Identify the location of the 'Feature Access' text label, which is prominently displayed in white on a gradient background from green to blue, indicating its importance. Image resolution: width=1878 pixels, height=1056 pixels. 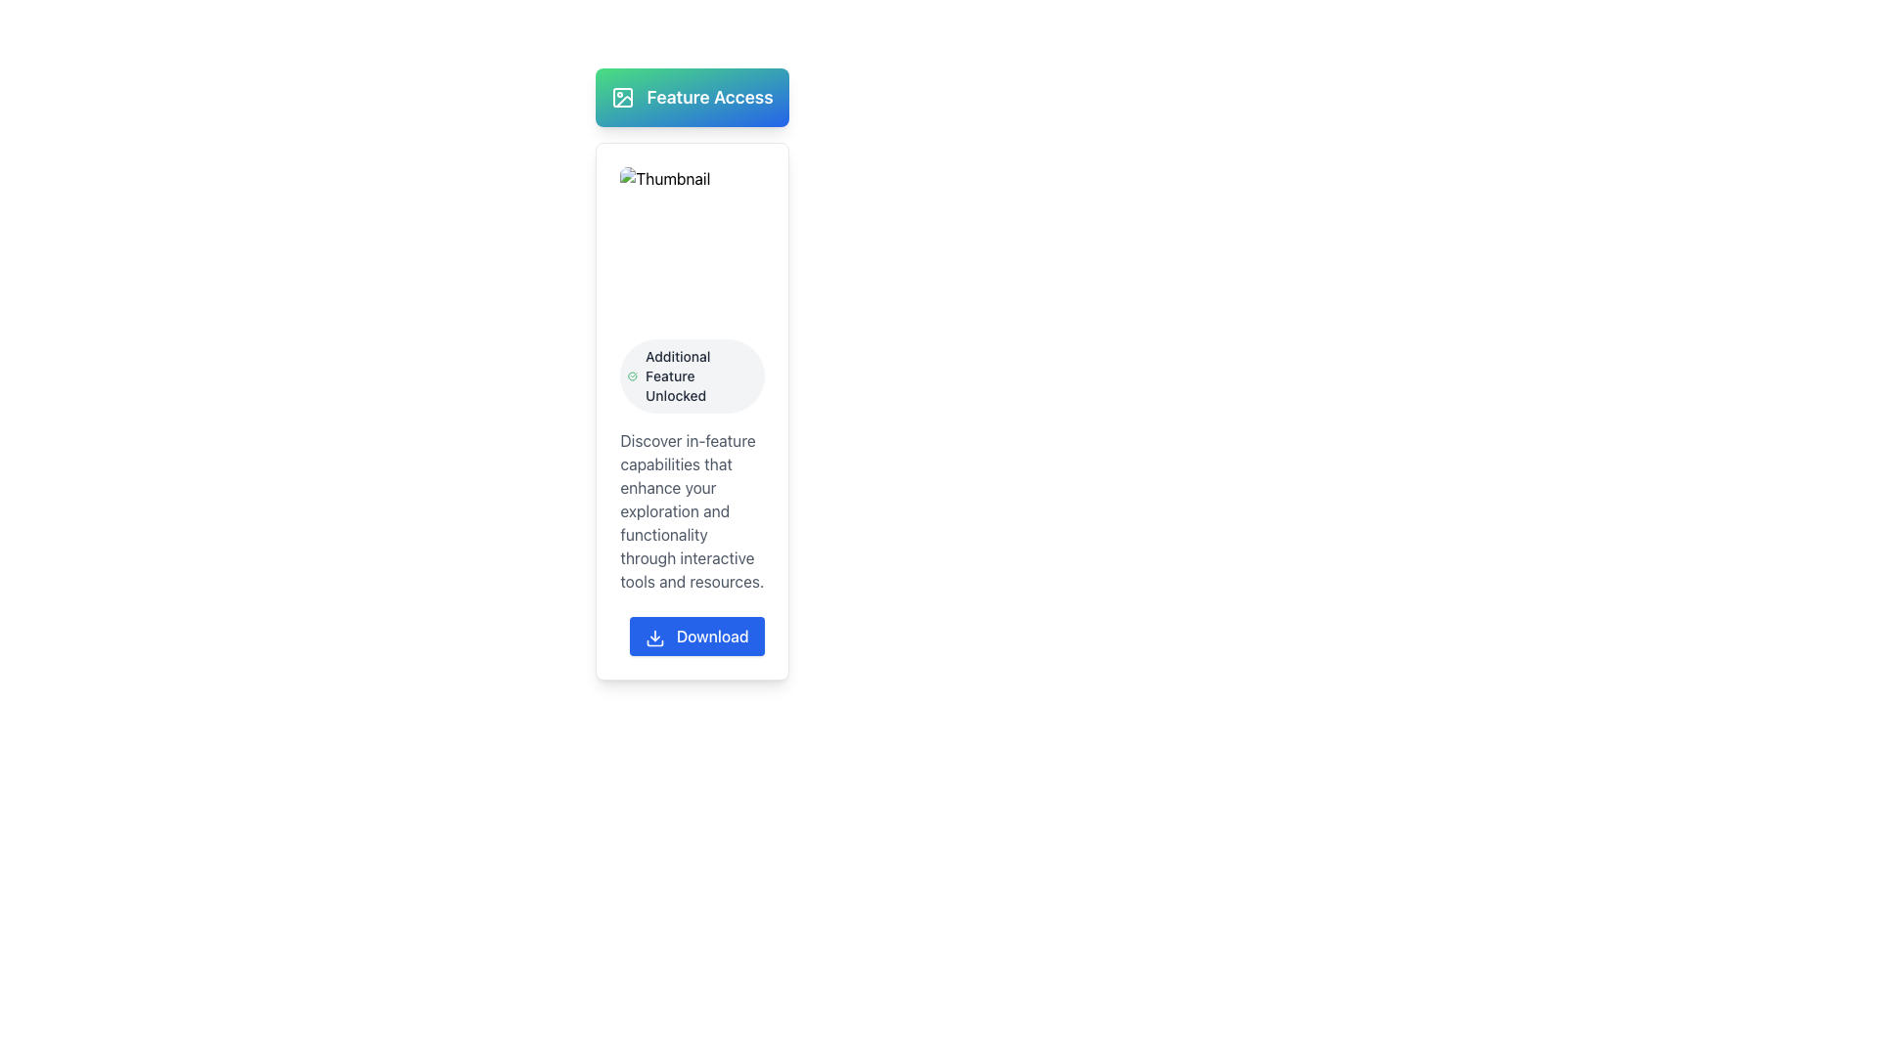
(708, 98).